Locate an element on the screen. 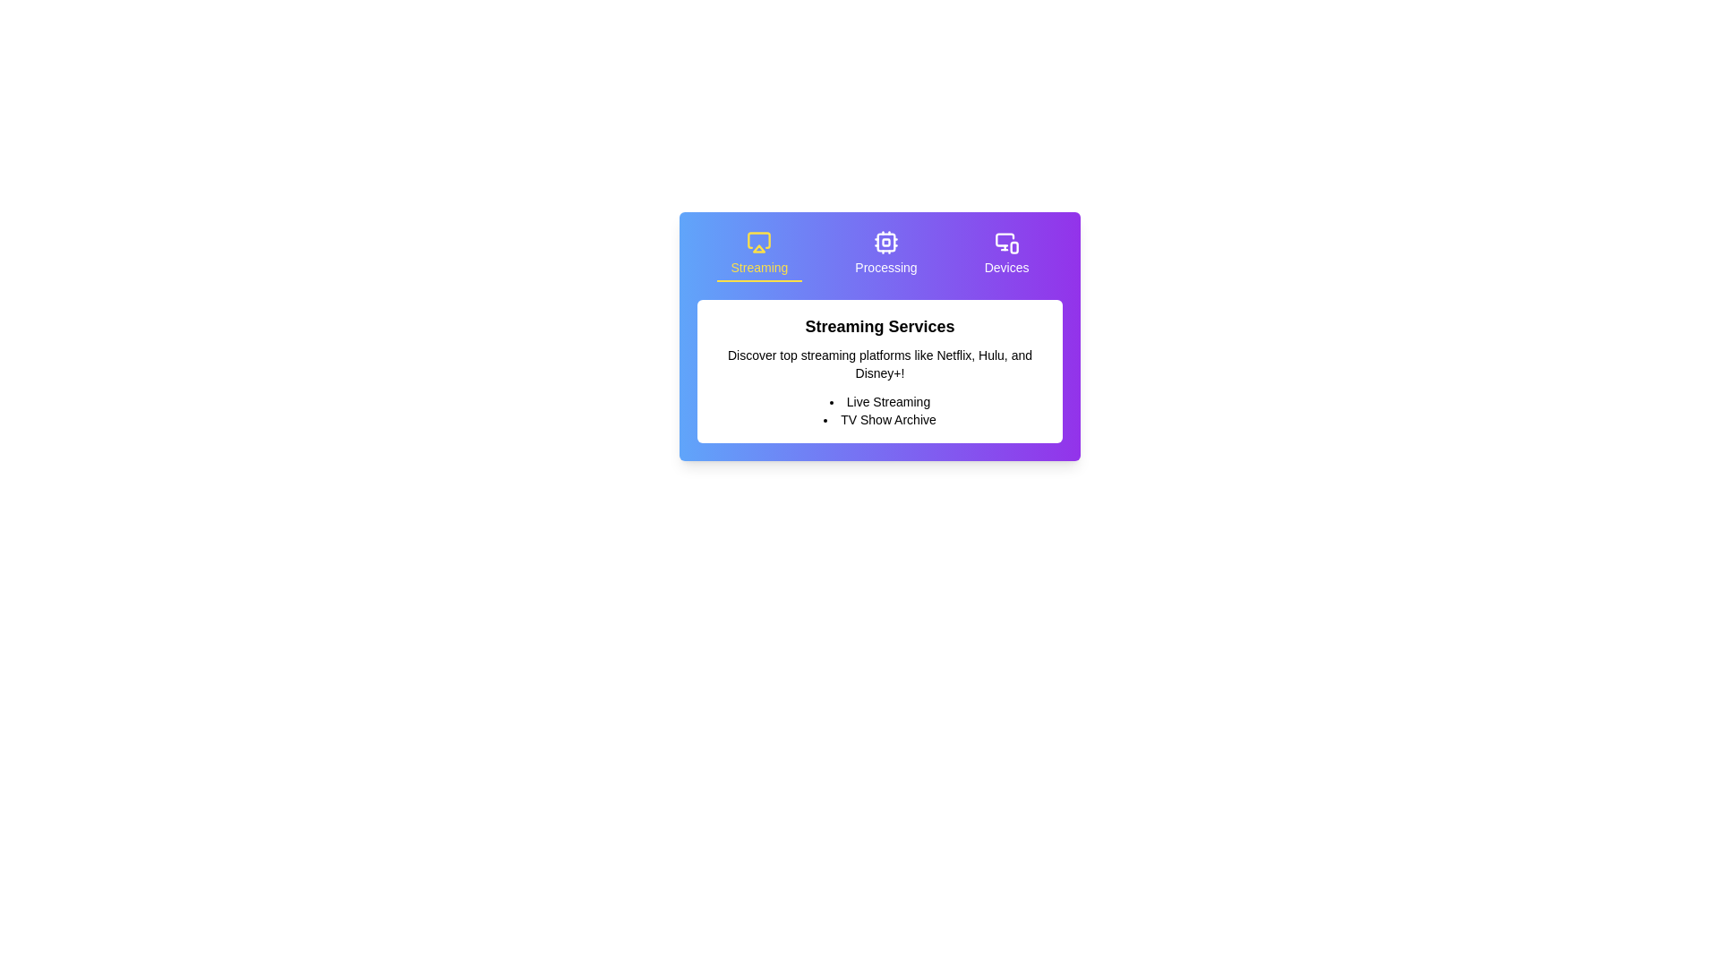  the 'Streaming' tab-like button, which is the first tab in a group of three at the top of the card component is located at coordinates (759, 255).